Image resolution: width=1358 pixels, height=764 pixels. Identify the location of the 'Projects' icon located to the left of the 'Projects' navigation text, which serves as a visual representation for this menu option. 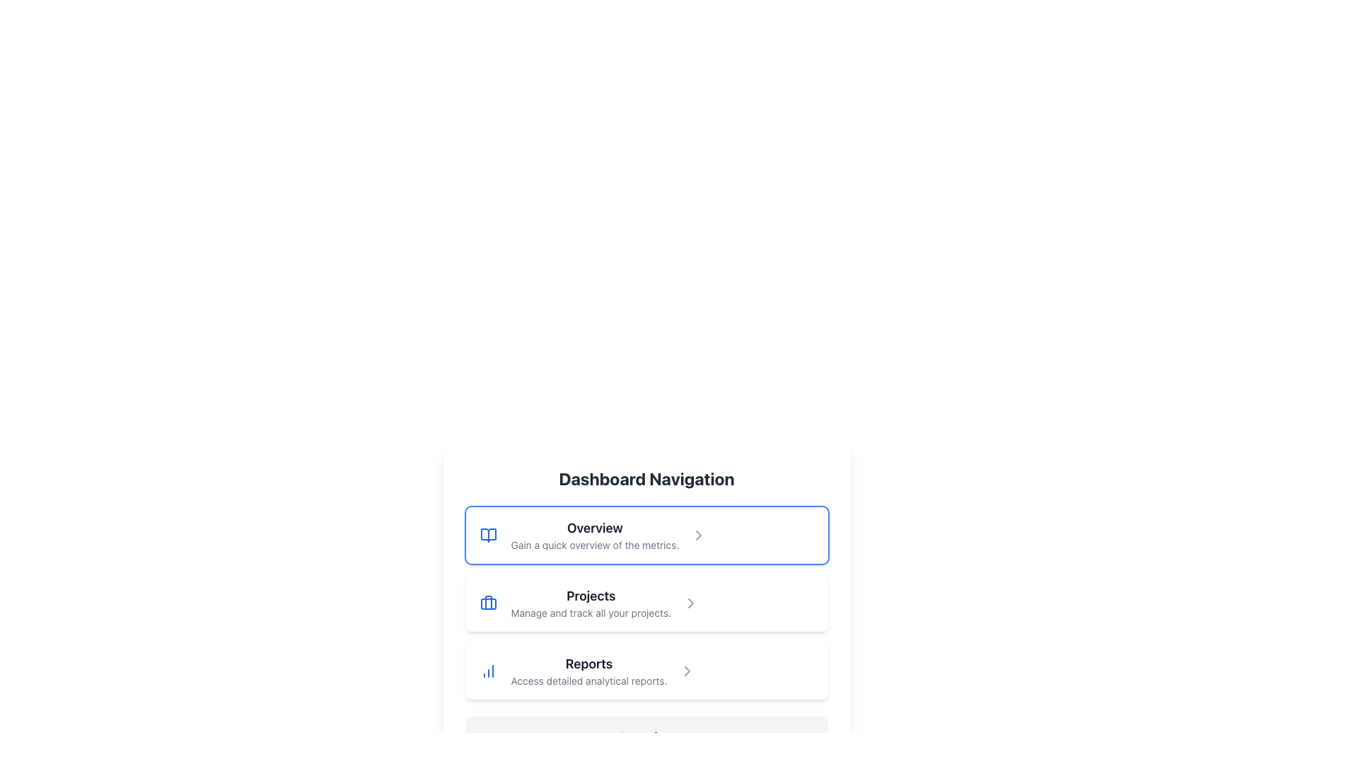
(488, 603).